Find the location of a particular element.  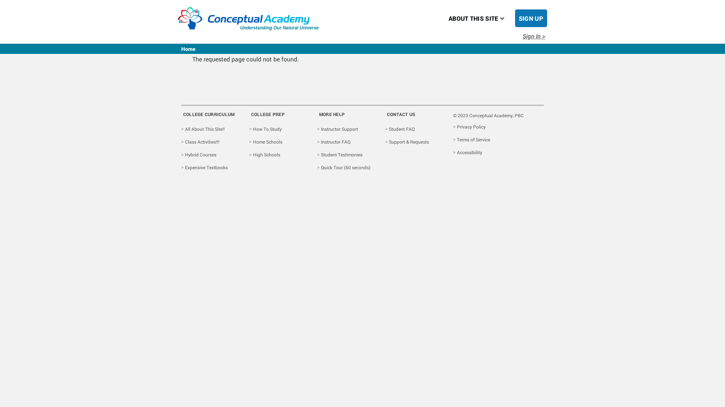

'ABOUT THIS SITE' is located at coordinates (449, 18).